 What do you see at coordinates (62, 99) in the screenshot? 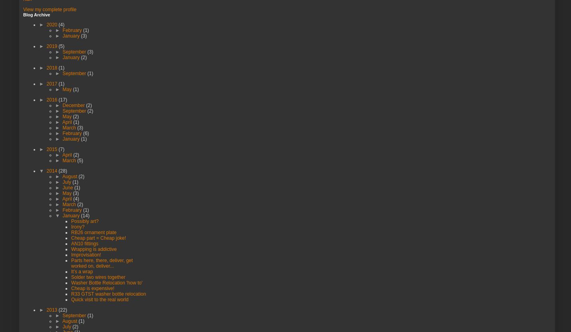
I see `'(17)'` at bounding box center [62, 99].